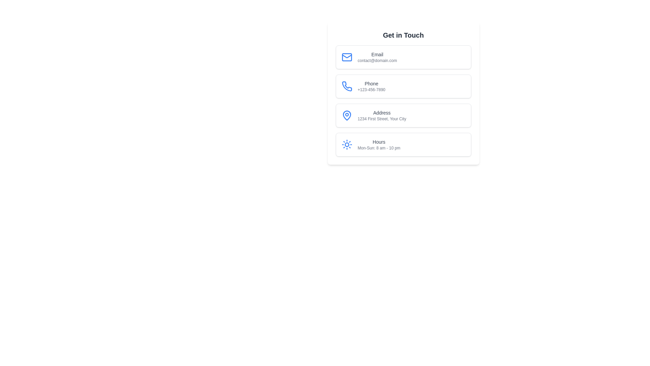  I want to click on the non-interactive text display element that shows business hours, located in the fourth item of a vertical list, to the right of the blue sun icon, below the 'Address' block, so click(378, 144).